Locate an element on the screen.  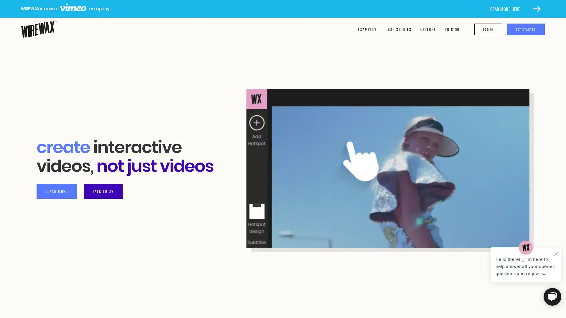
LOG IN is located at coordinates (489, 29).